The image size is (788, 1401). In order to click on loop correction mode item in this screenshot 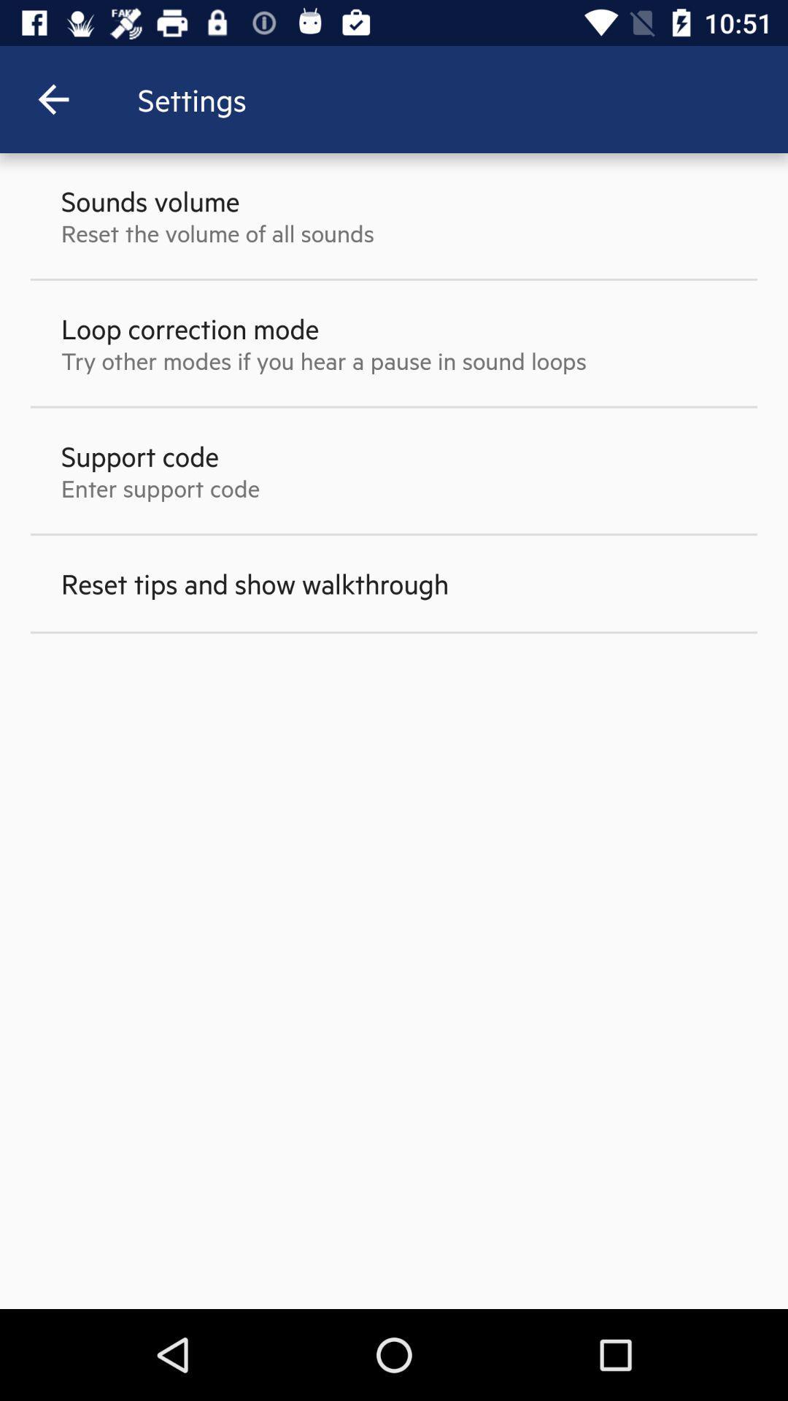, I will do `click(189, 328)`.